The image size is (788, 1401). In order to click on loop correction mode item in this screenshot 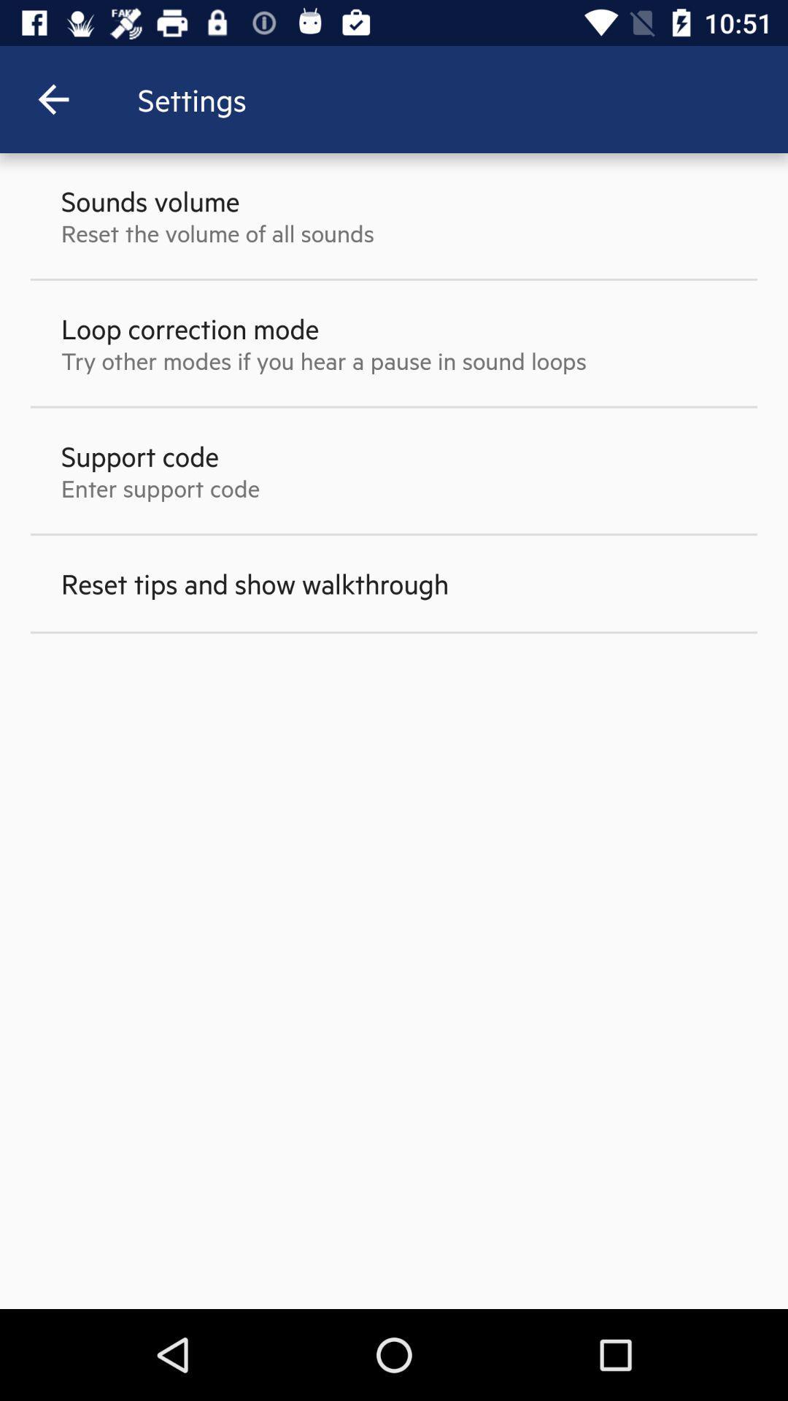, I will do `click(189, 328)`.